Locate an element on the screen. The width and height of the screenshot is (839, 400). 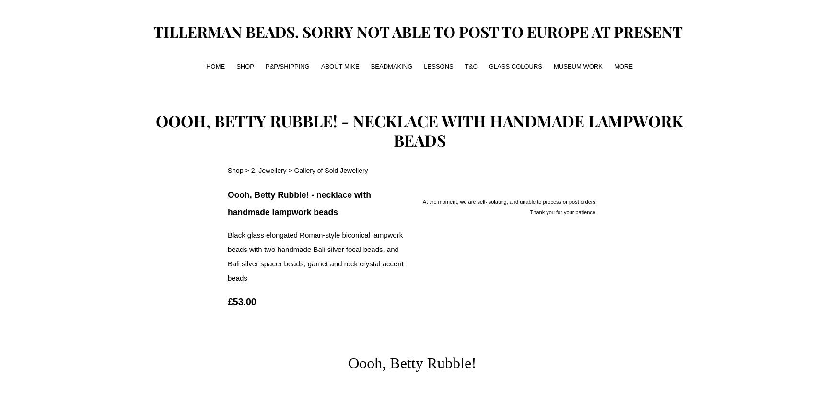
'£53.00' is located at coordinates (241, 301).